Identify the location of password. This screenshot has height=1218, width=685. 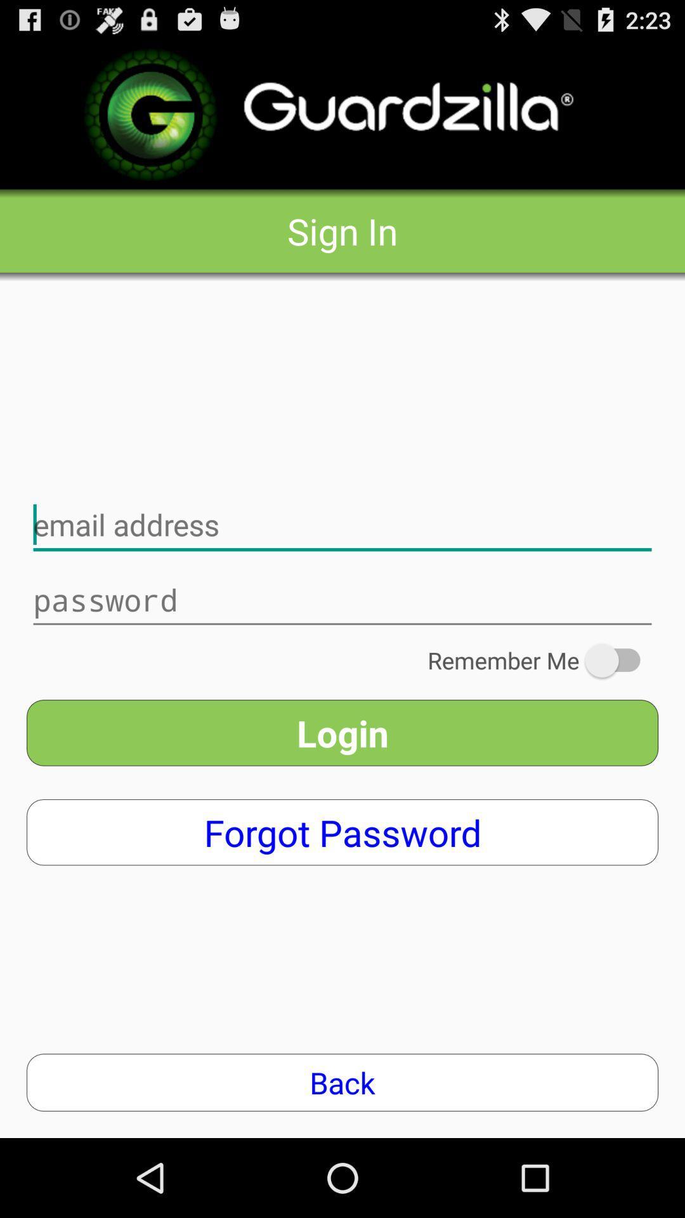
(342, 599).